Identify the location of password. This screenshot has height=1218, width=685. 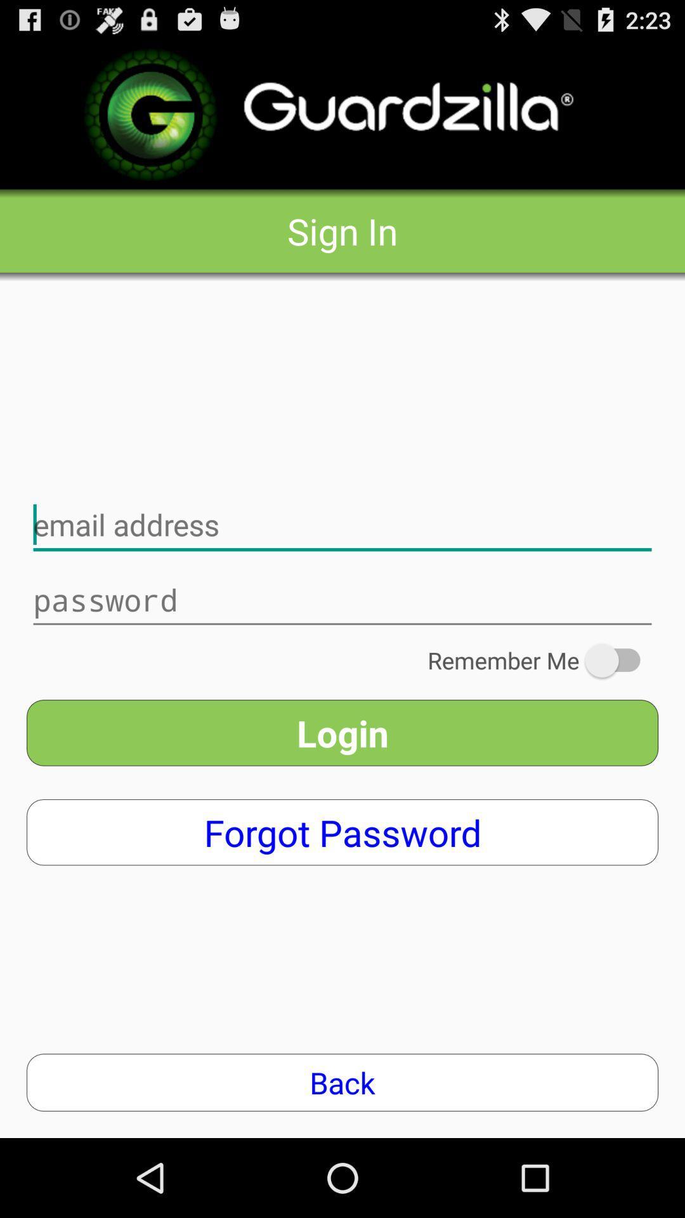
(342, 599).